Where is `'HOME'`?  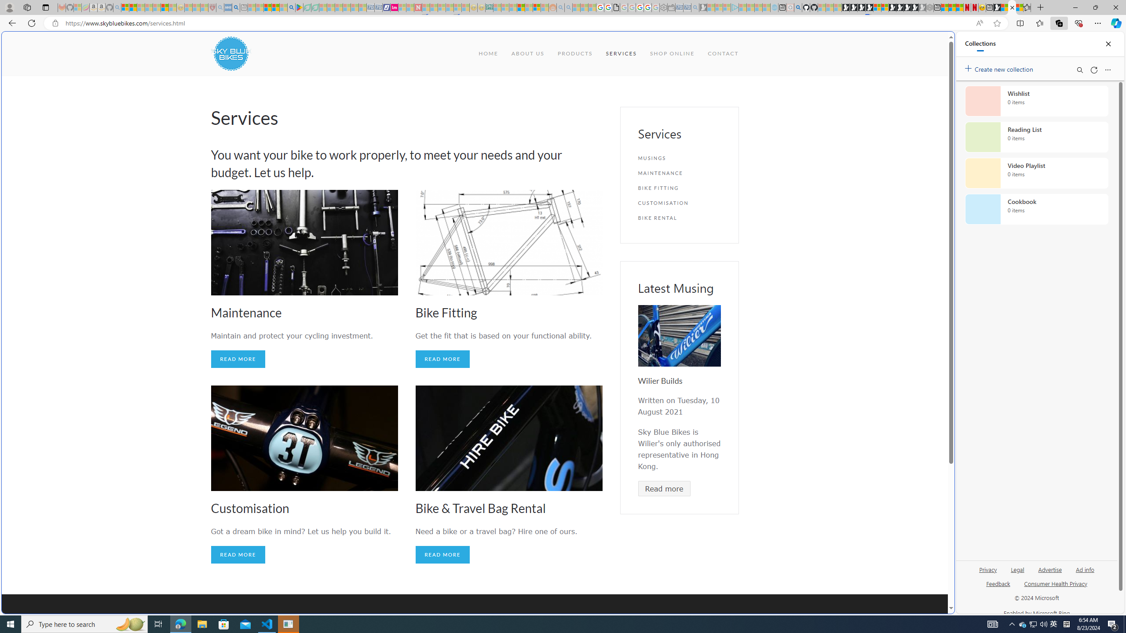
'HOME' is located at coordinates (487, 53).